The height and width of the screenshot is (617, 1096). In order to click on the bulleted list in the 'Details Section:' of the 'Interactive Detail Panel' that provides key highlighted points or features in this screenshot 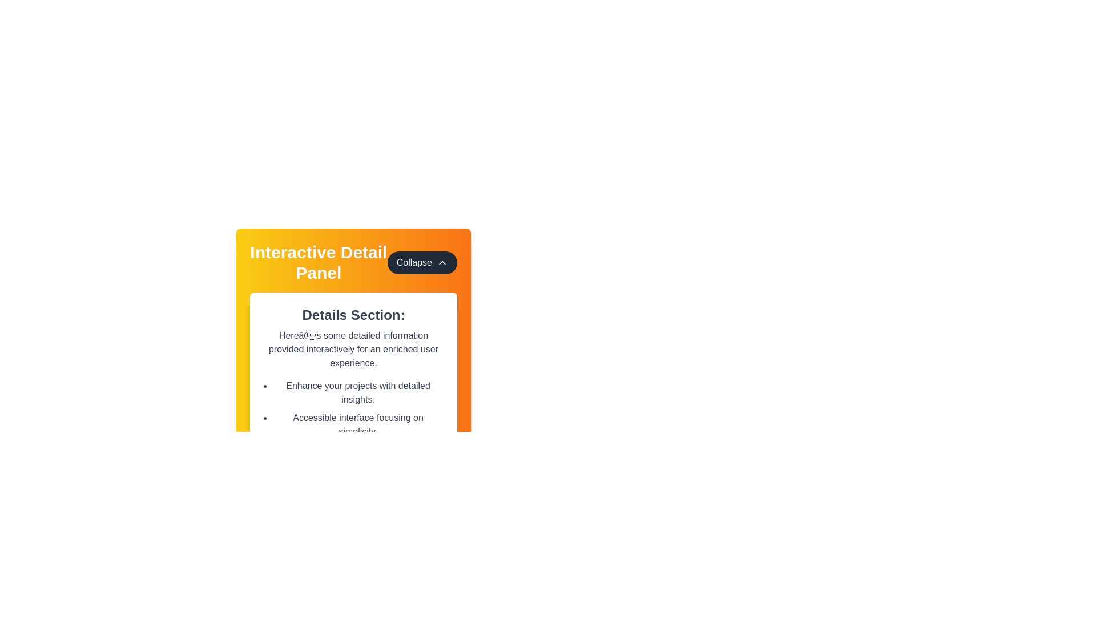, I will do `click(357, 425)`.